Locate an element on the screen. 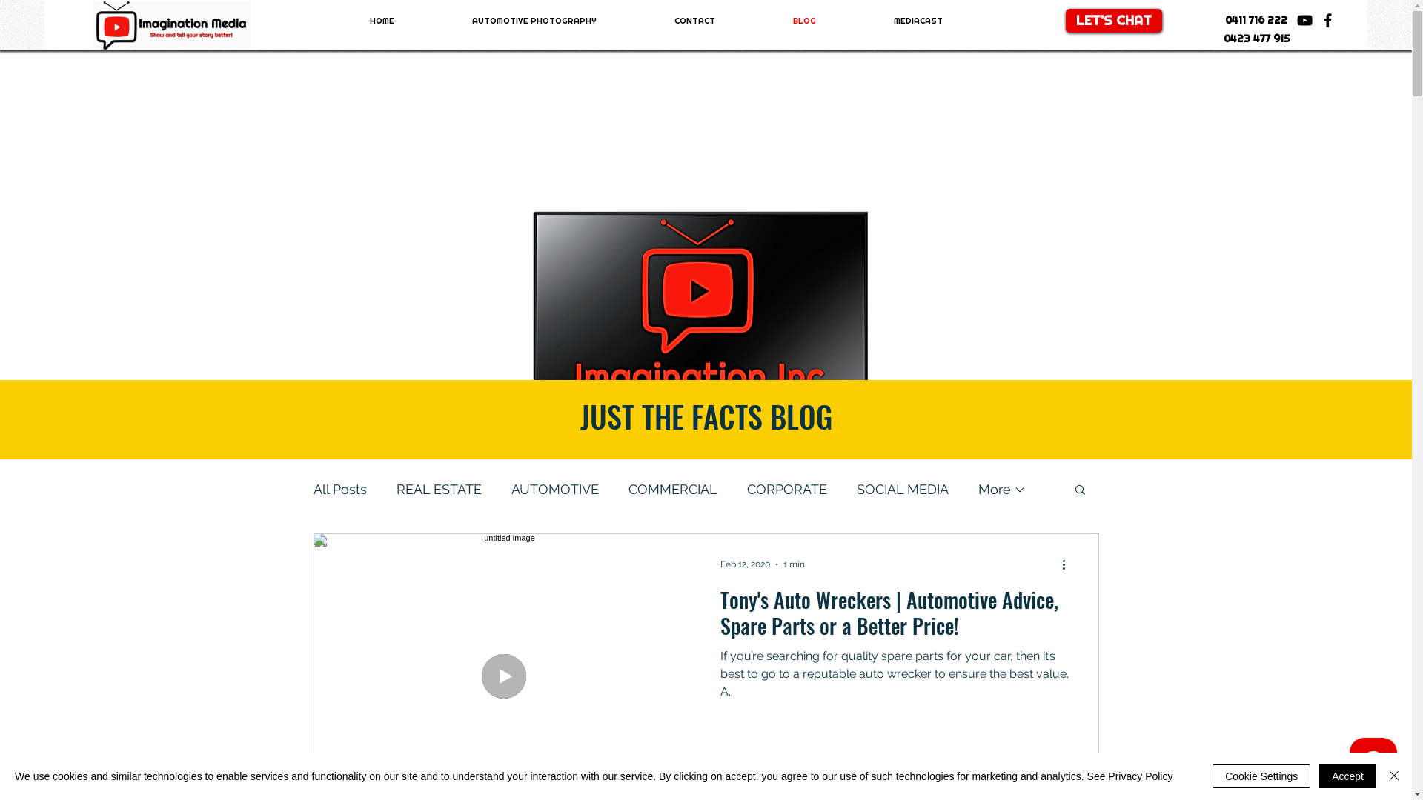  'All Posts' is located at coordinates (338, 489).